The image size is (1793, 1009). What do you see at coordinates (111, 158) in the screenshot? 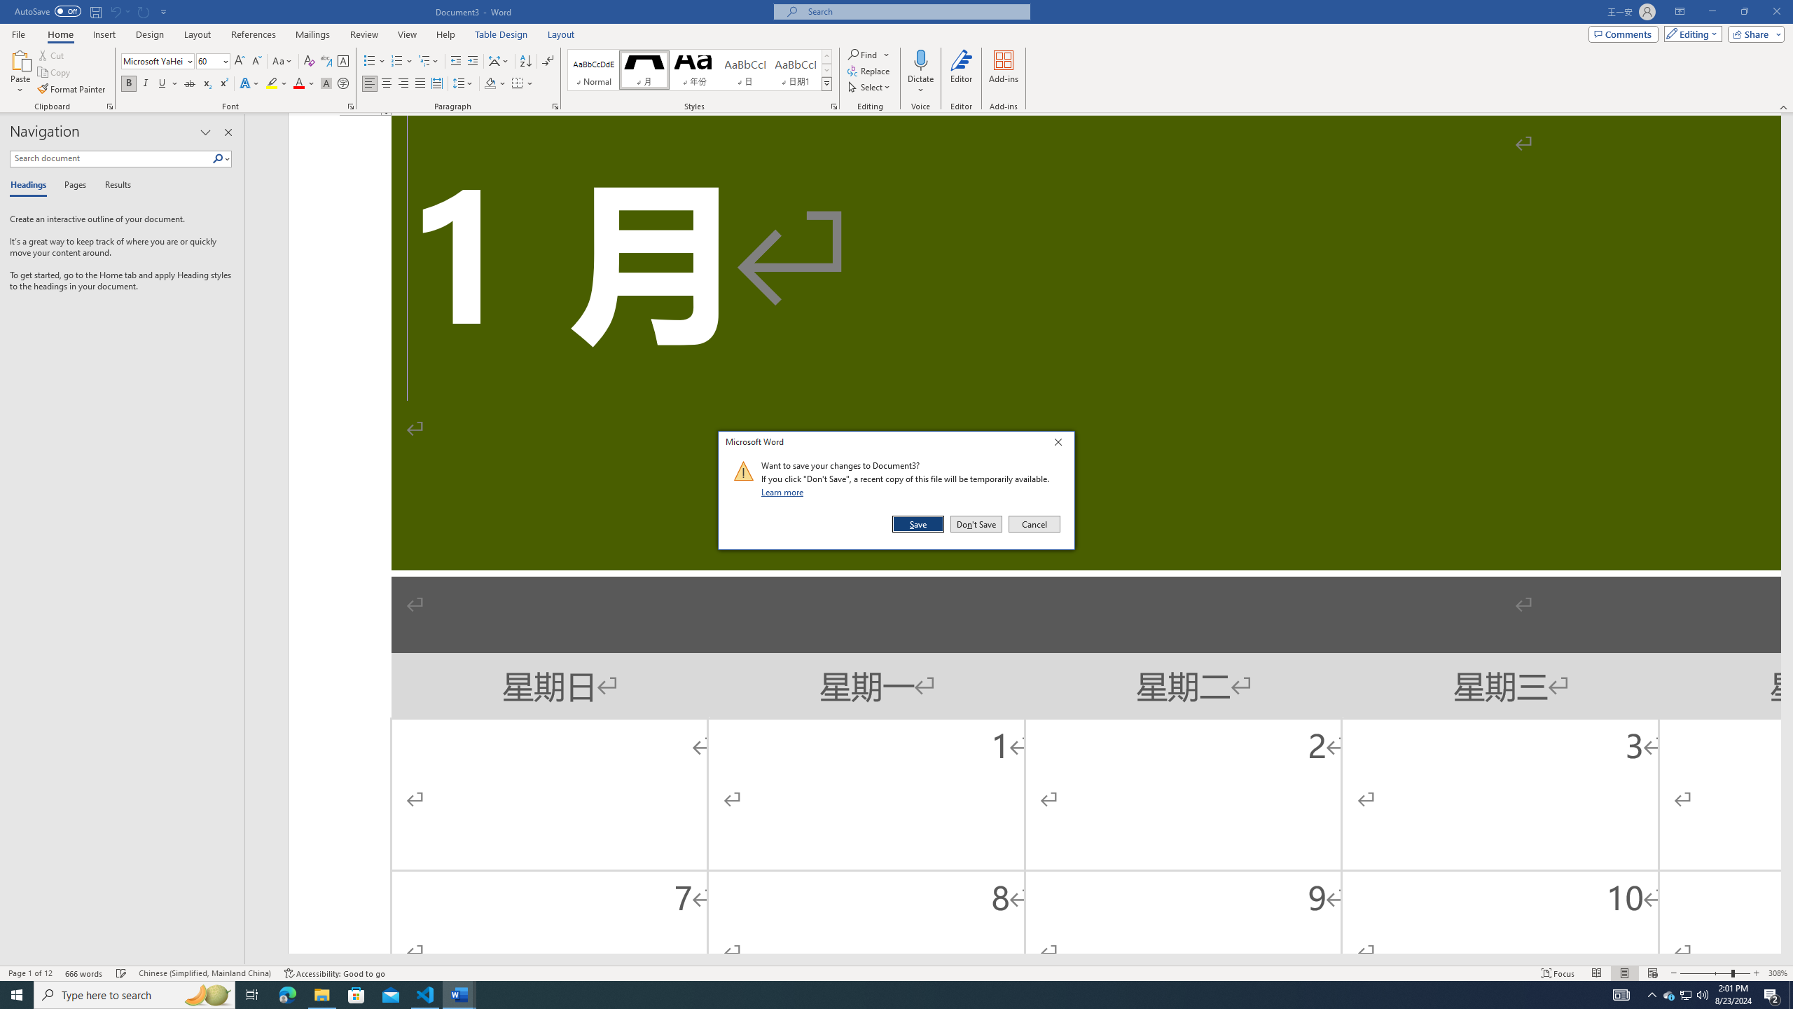
I see `'Search document'` at bounding box center [111, 158].